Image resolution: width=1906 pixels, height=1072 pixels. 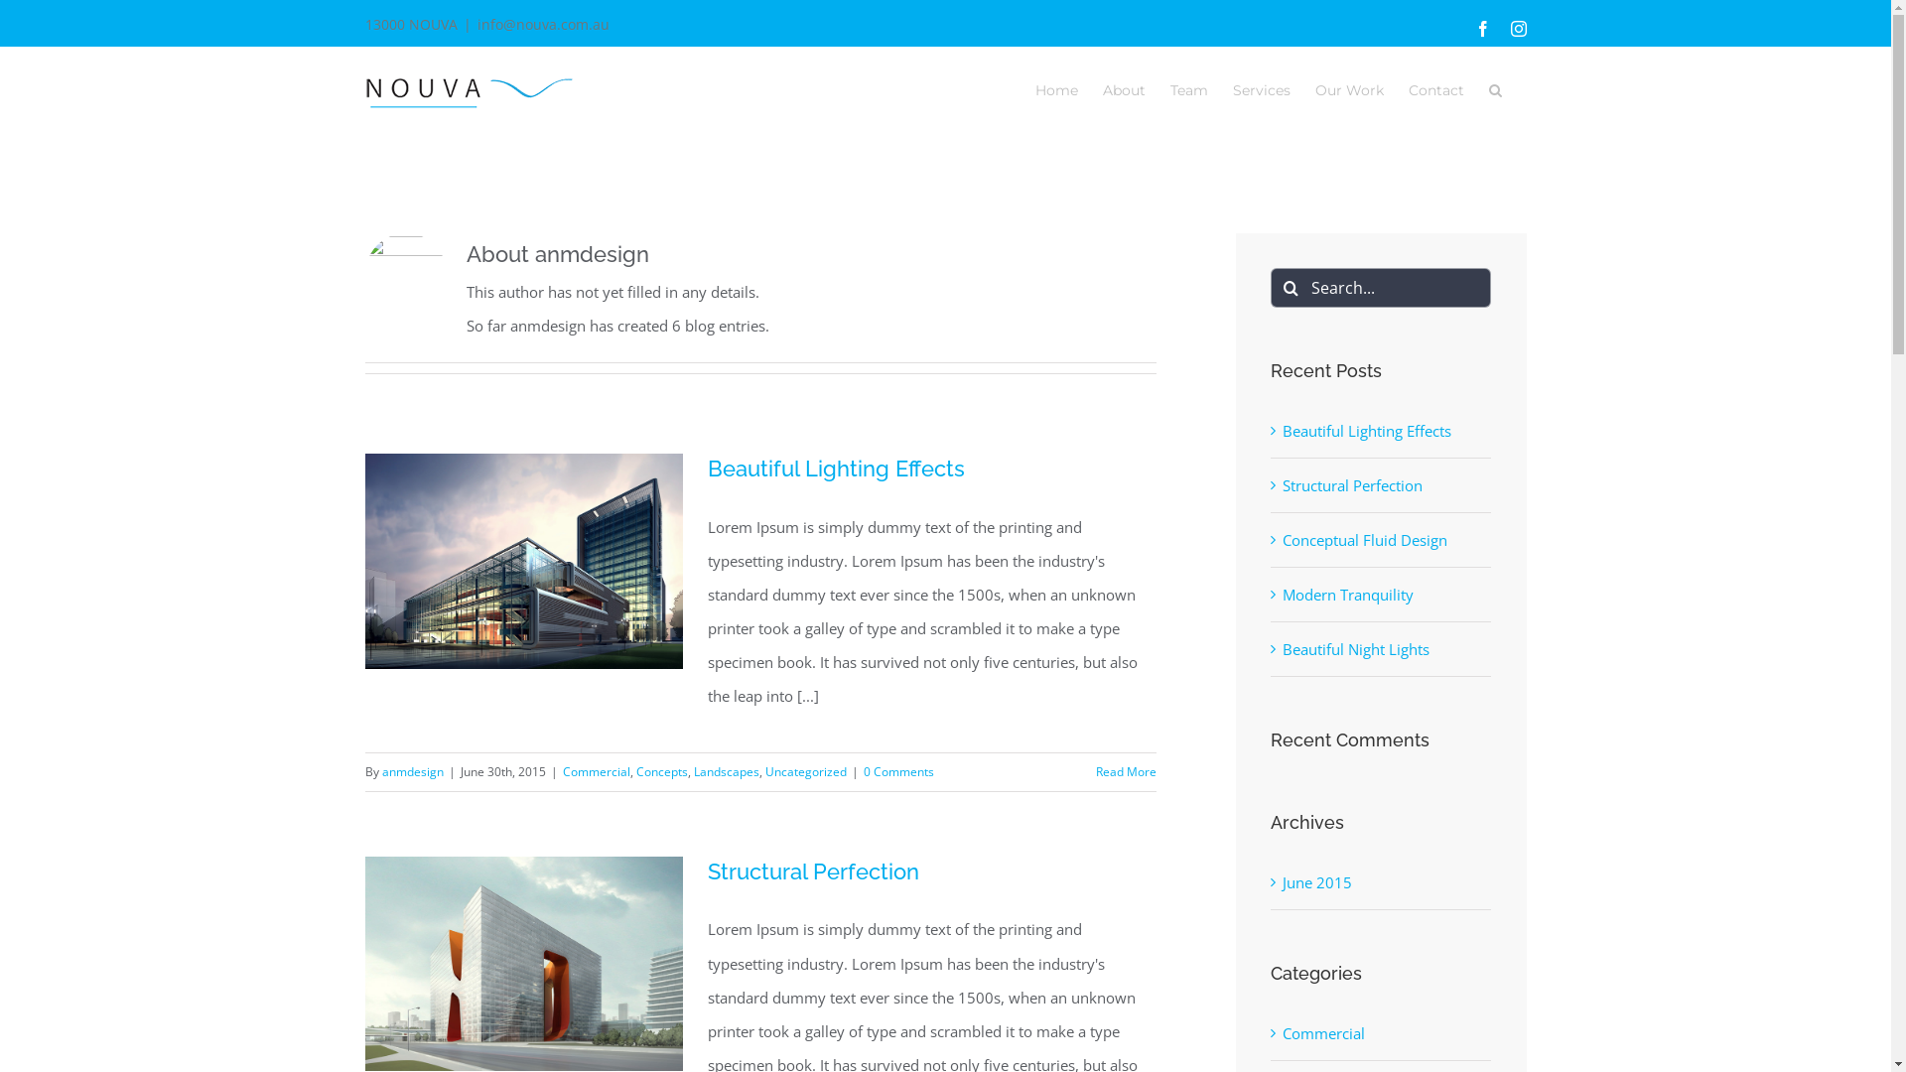 What do you see at coordinates (1187, 87) in the screenshot?
I see `'Team'` at bounding box center [1187, 87].